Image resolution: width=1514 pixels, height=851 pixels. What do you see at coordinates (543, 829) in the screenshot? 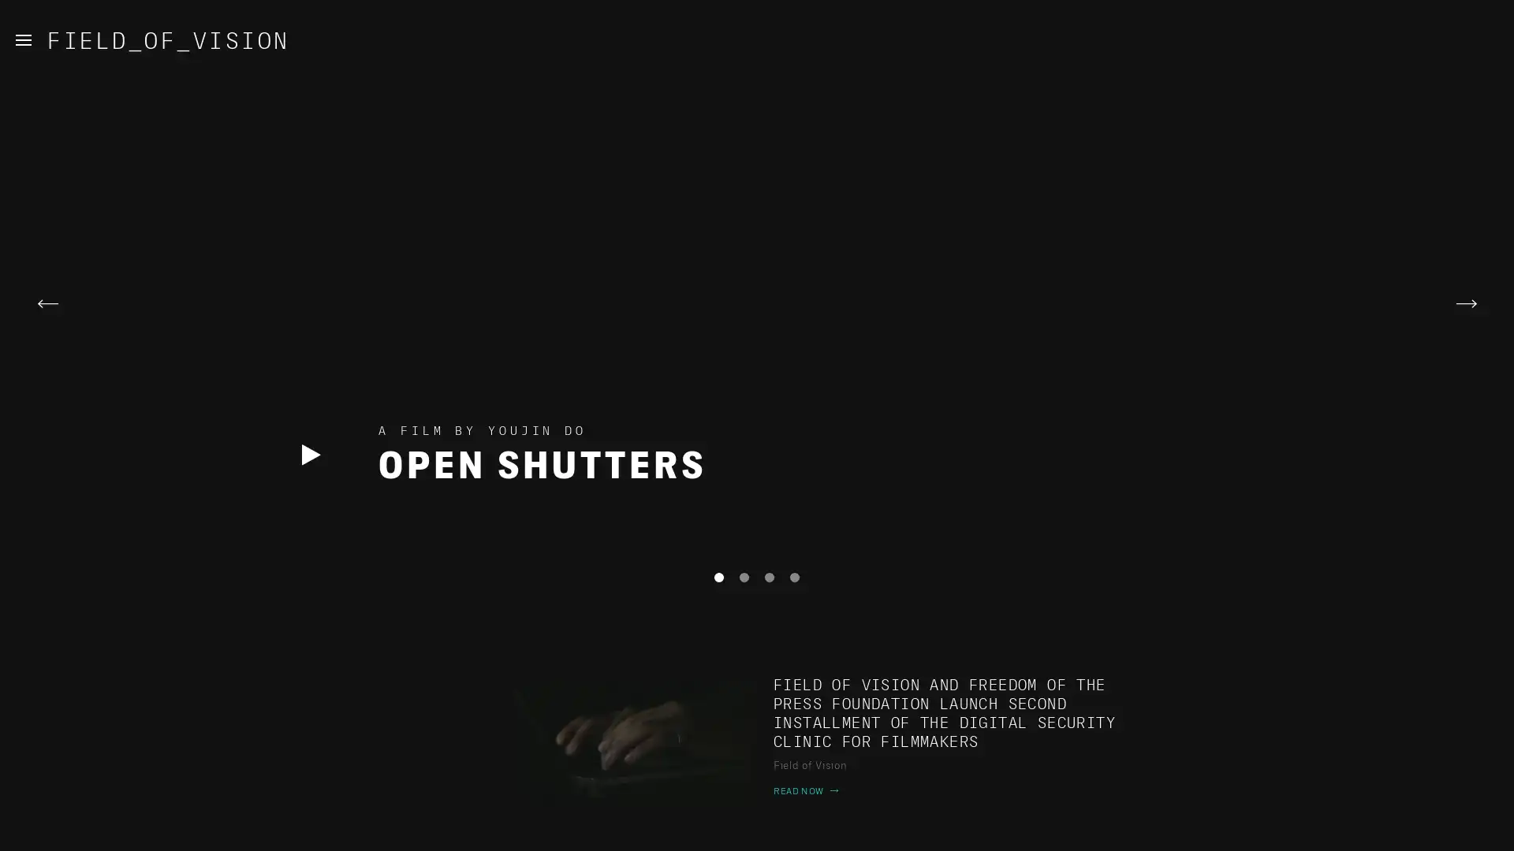
I see `Sign up for our newsletter` at bounding box center [543, 829].